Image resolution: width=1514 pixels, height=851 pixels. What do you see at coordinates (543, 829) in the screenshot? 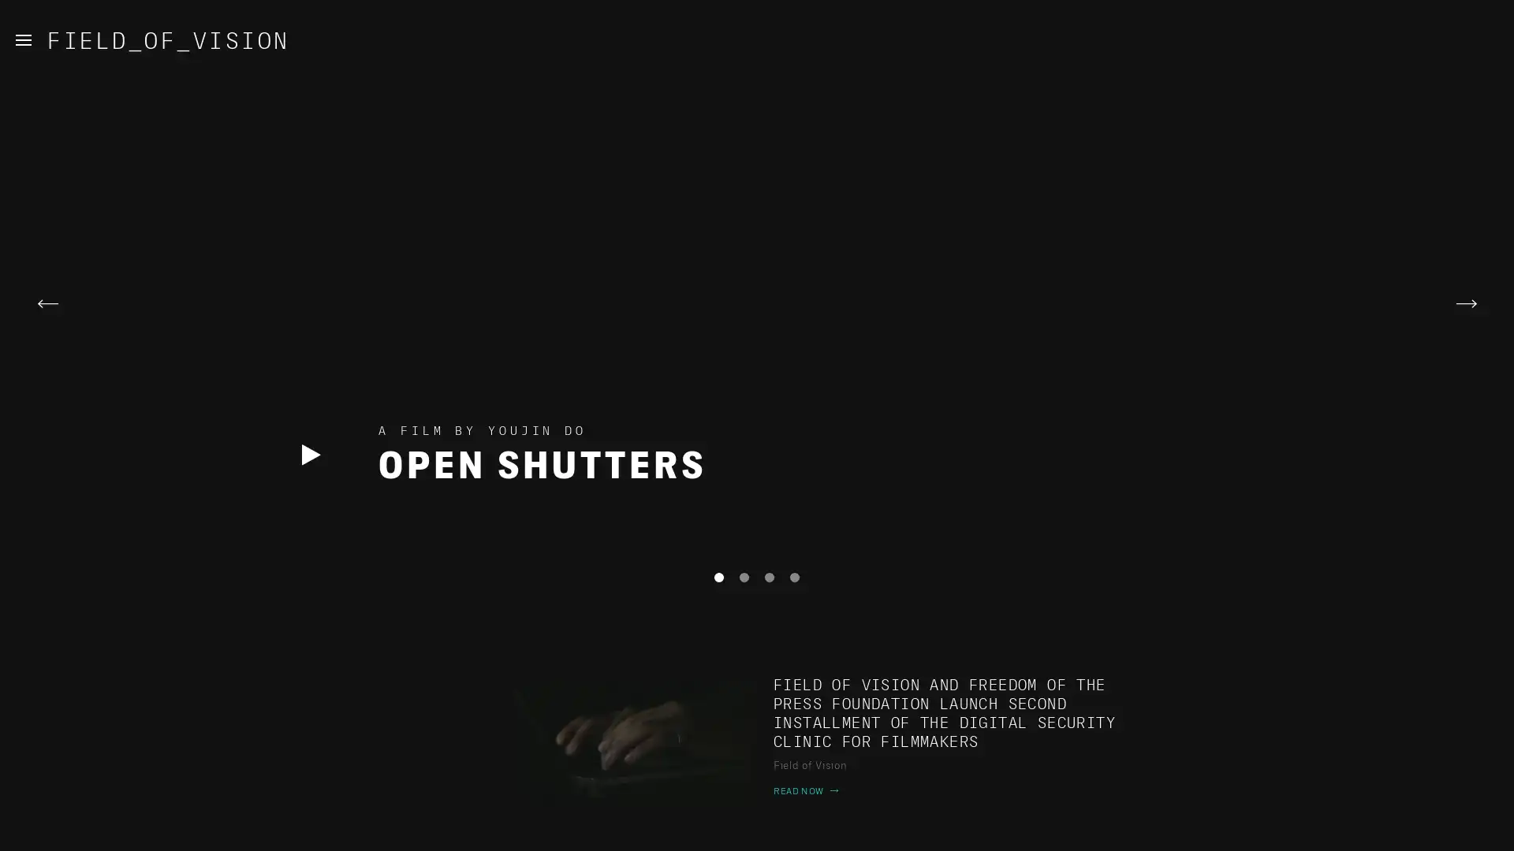
I see `Sign up for our newsletter` at bounding box center [543, 829].